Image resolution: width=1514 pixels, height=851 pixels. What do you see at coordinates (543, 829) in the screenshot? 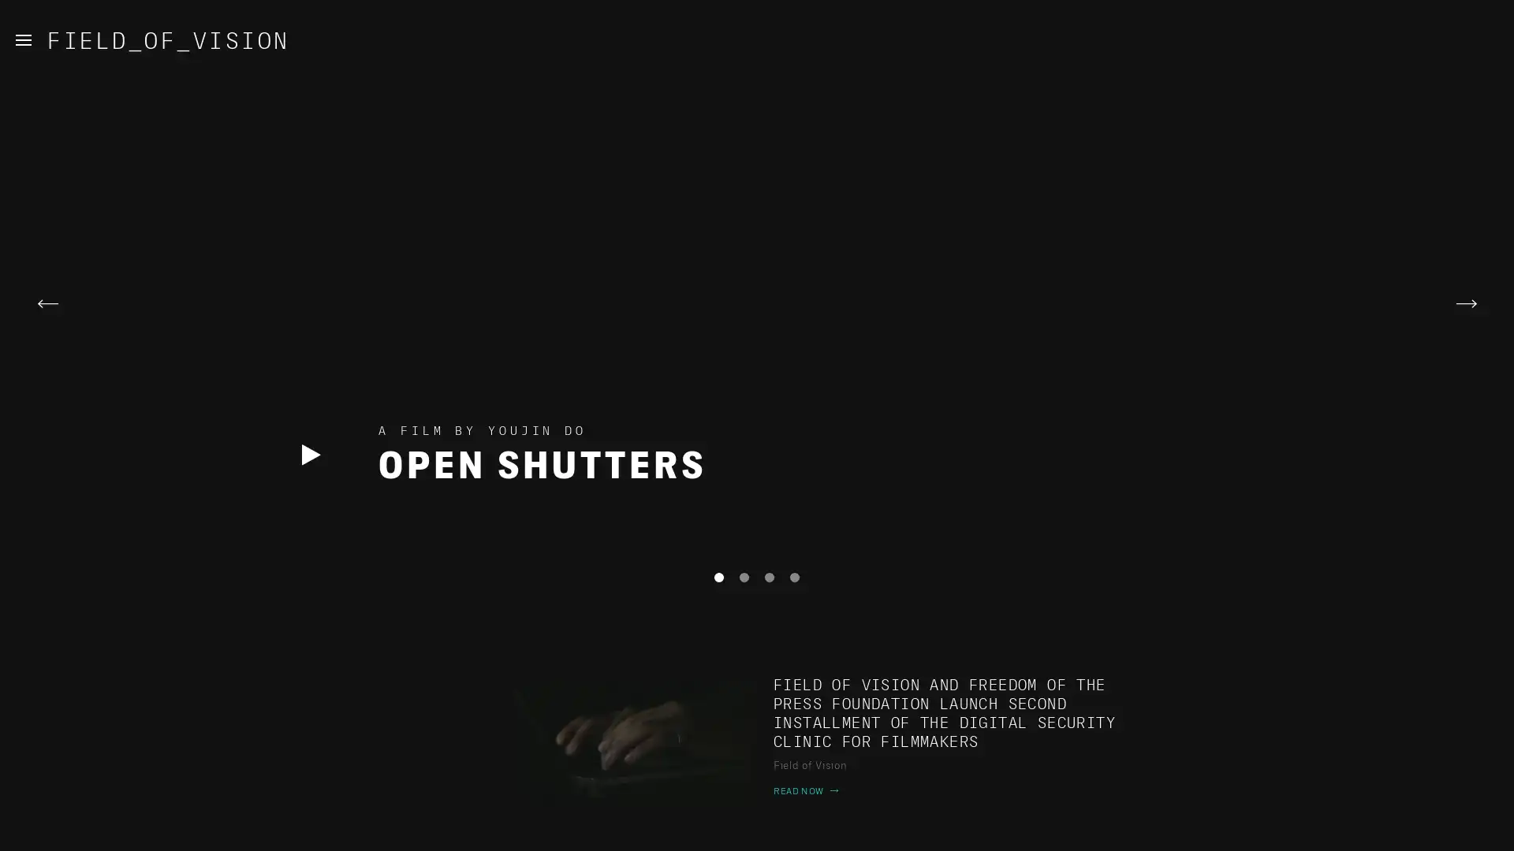
I see `Sign up for our newsletter` at bounding box center [543, 829].